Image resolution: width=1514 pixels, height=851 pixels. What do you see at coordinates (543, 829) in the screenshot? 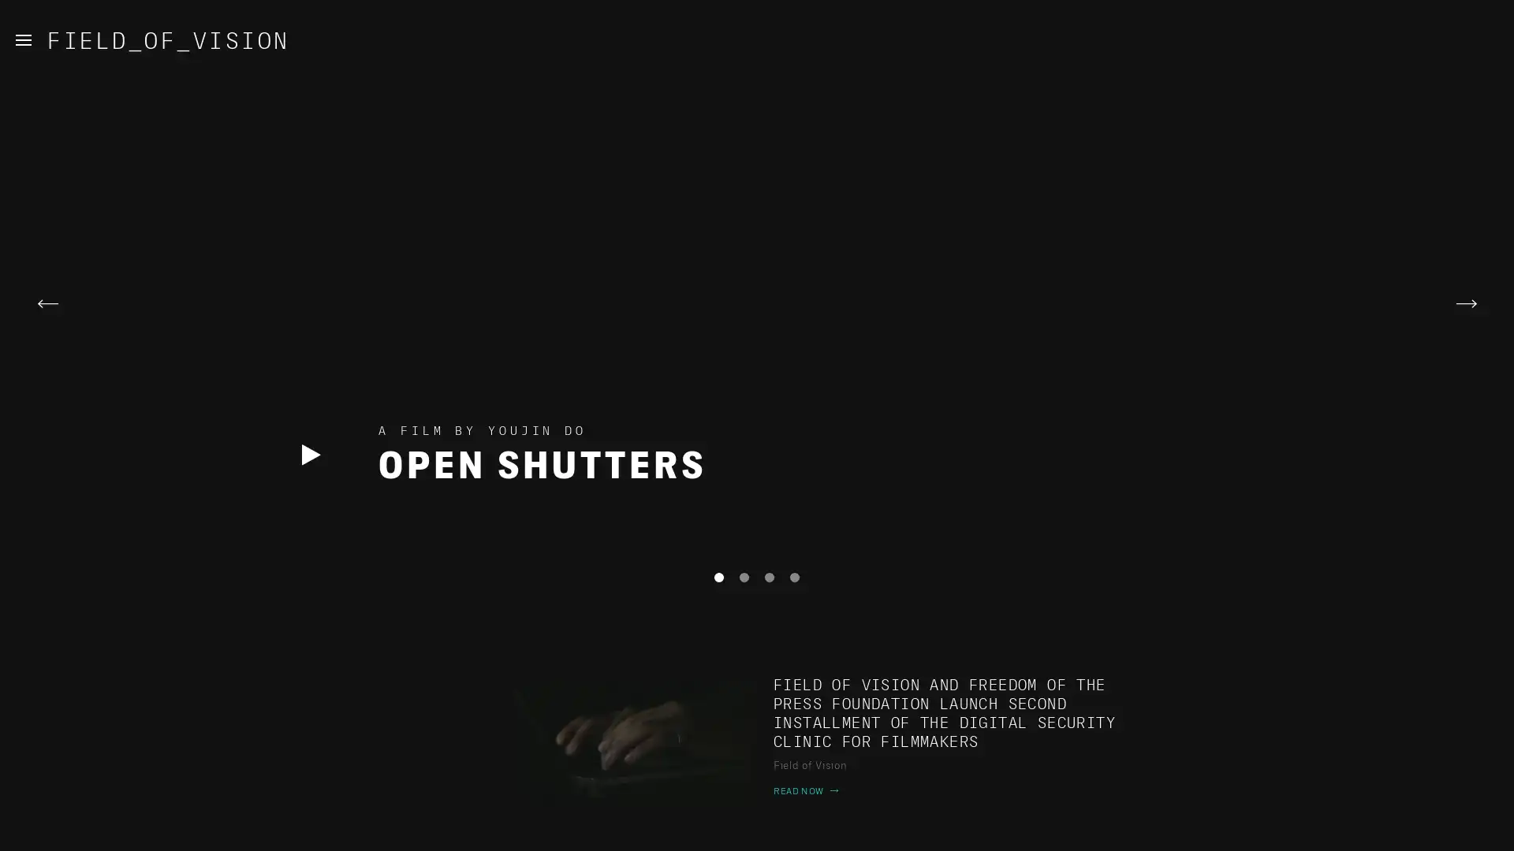
I see `Sign up for our newsletter` at bounding box center [543, 829].